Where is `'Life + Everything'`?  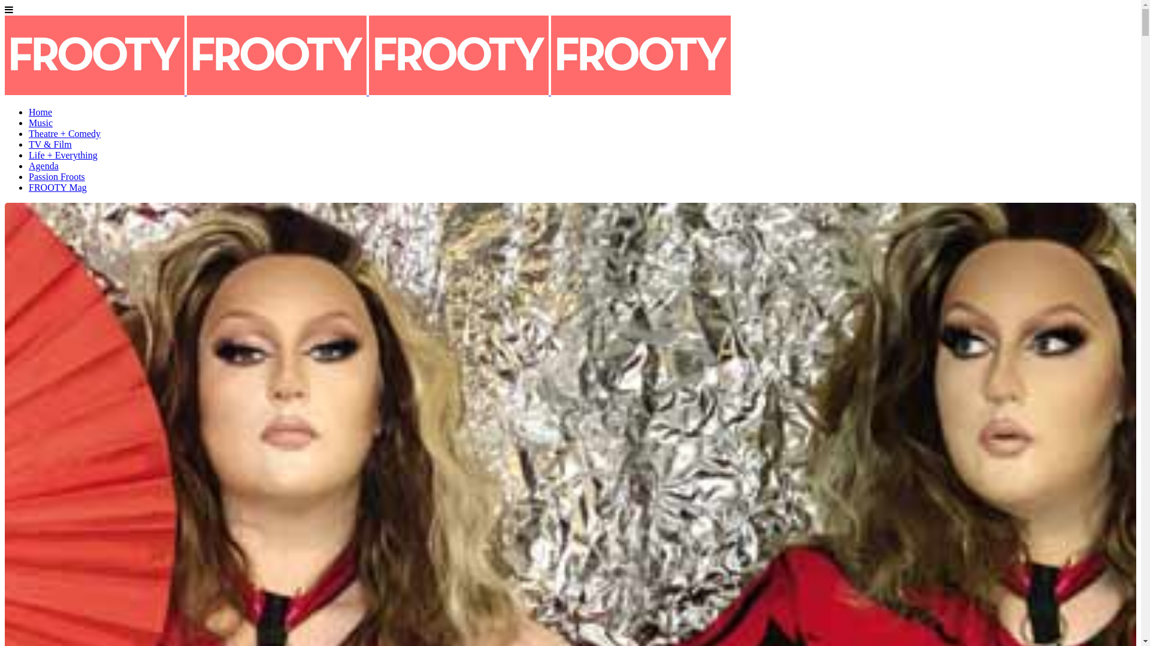 'Life + Everything' is located at coordinates (62, 154).